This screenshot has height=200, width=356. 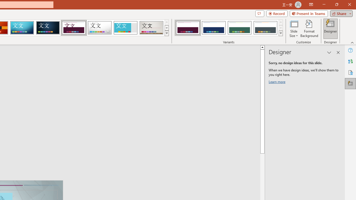 I want to click on 'Translator', so click(x=350, y=61).